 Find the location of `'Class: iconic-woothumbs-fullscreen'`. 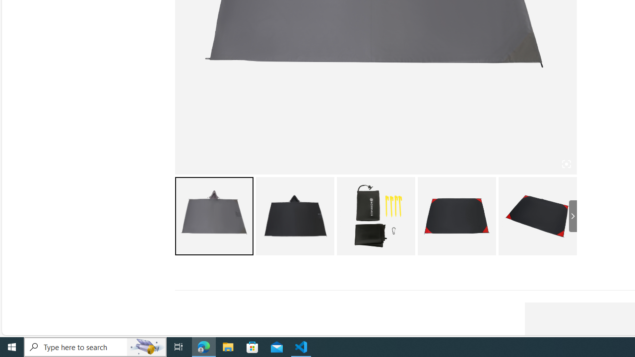

'Class: iconic-woothumbs-fullscreen' is located at coordinates (566, 164).